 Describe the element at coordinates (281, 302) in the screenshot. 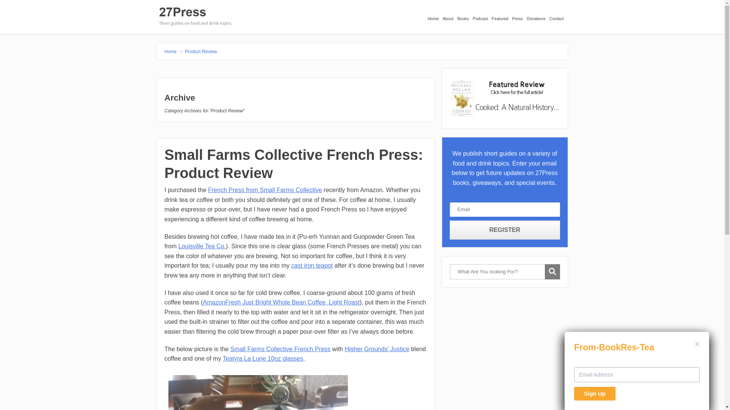

I see `'AmazonFresh Just Bright Whole Bean Coffee, Light Roast'` at that location.